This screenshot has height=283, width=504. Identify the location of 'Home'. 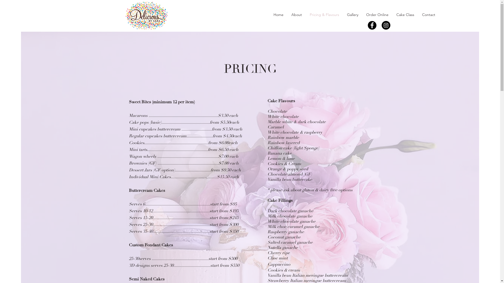
(278, 14).